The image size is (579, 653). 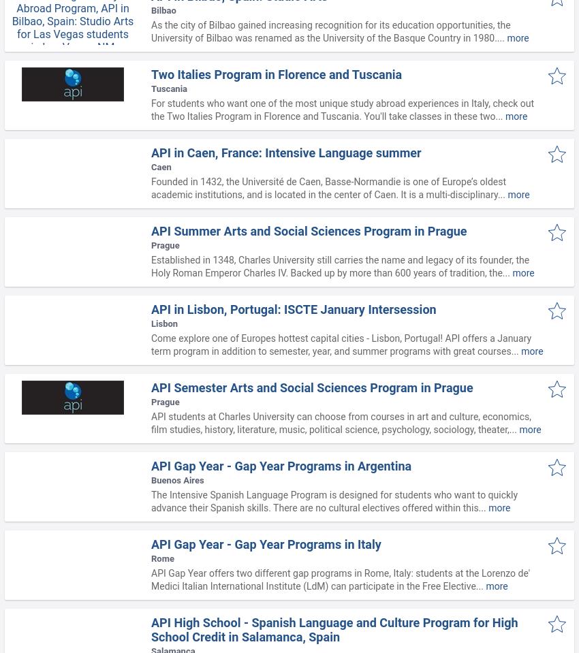 I want to click on 'The Intensive Spanish Language Program is designed for students who want to quickly advance their Spanish skills. There are no cultural electives offered within this...', so click(x=334, y=500).